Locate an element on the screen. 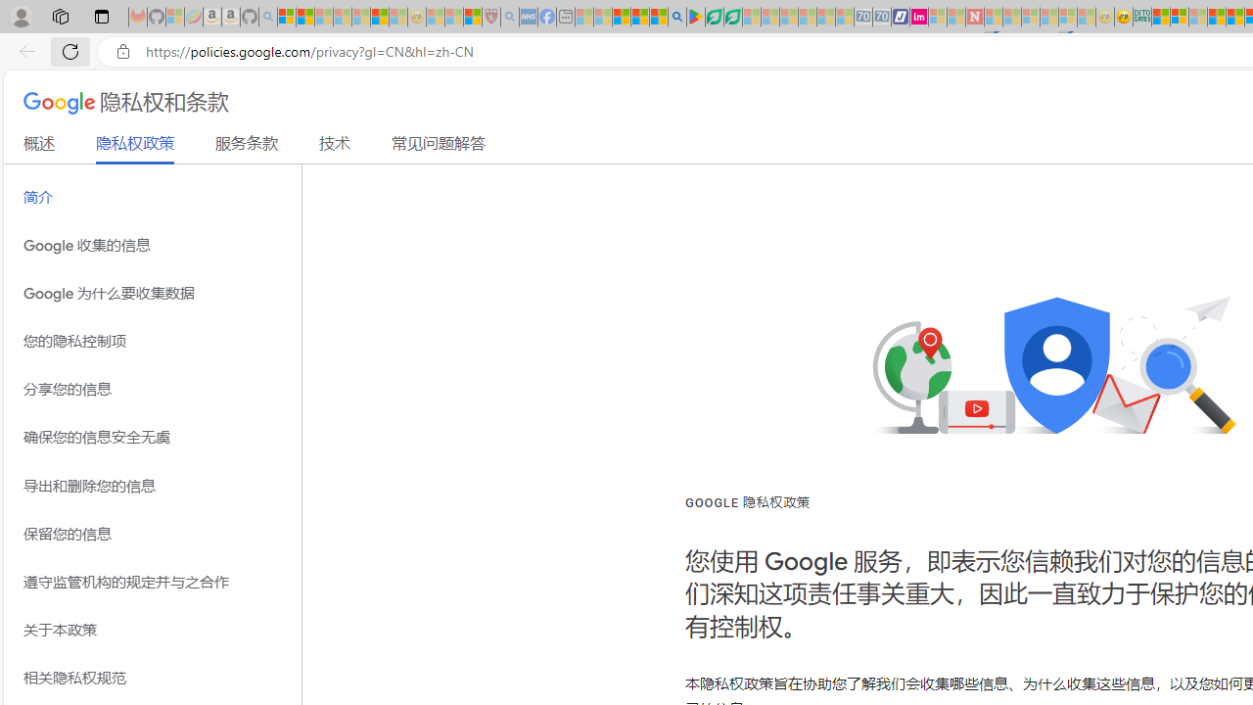 The width and height of the screenshot is (1253, 705). 'Jobs - lastminute.com Investor Portal' is located at coordinates (918, 17).